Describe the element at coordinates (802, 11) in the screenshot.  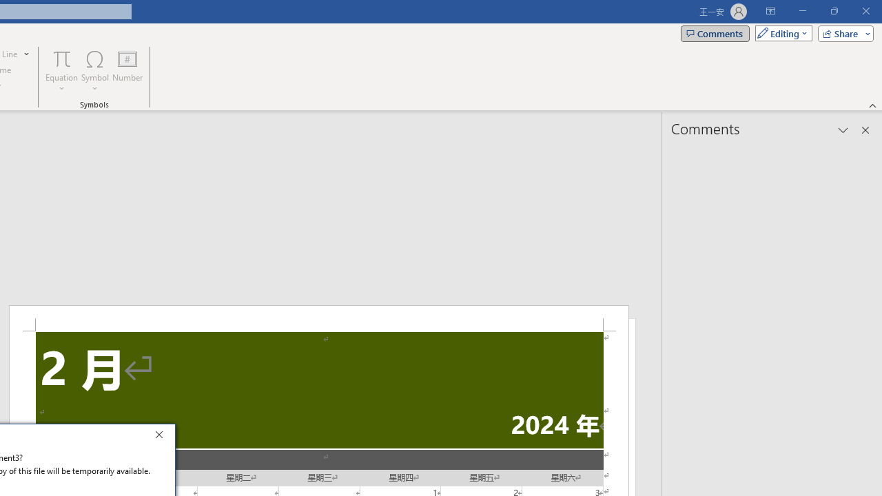
I see `'Minimize'` at that location.